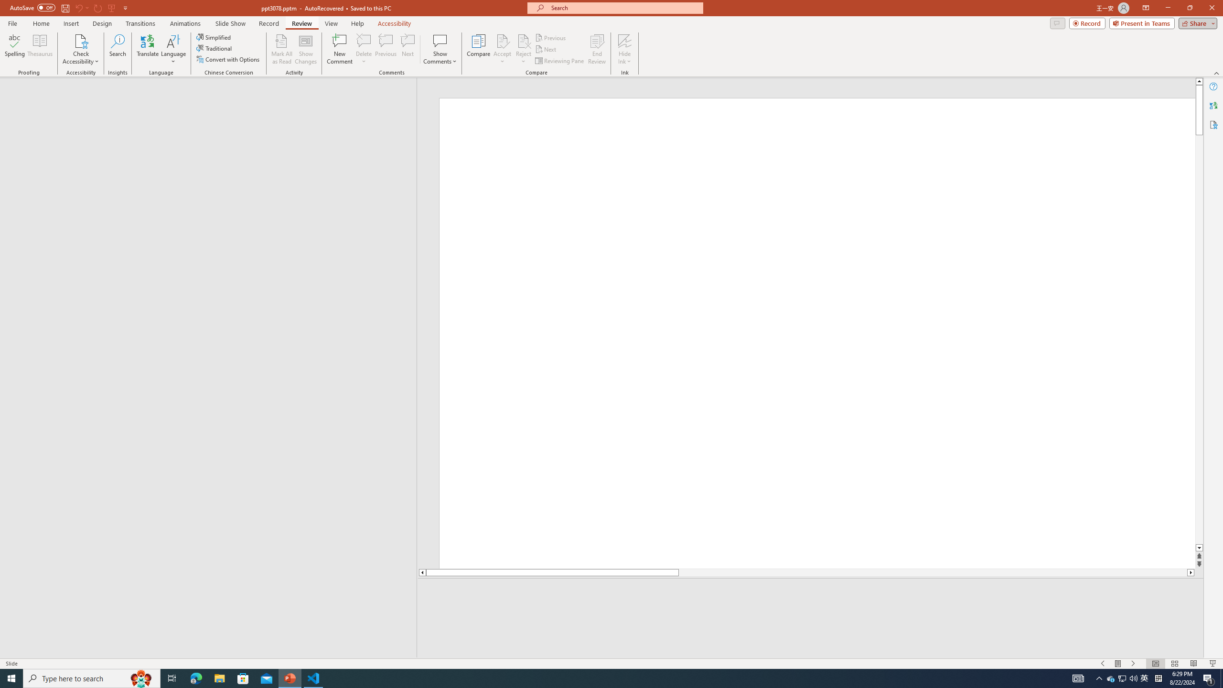  What do you see at coordinates (625, 49) in the screenshot?
I see `'Hide Ink'` at bounding box center [625, 49].